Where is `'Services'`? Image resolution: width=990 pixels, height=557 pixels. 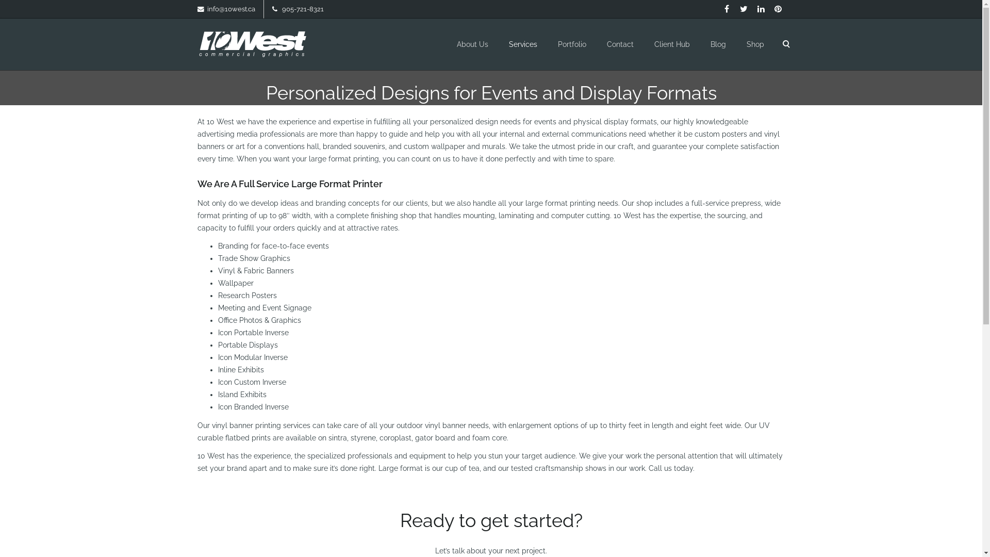 'Services' is located at coordinates (522, 43).